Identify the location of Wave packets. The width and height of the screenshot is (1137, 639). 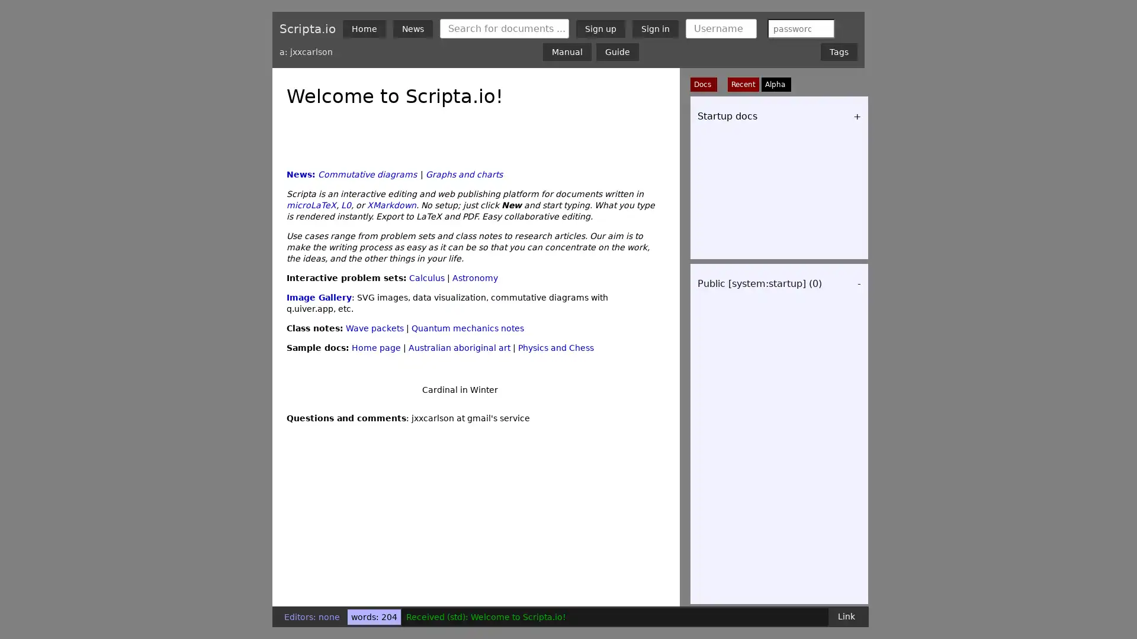
(374, 419).